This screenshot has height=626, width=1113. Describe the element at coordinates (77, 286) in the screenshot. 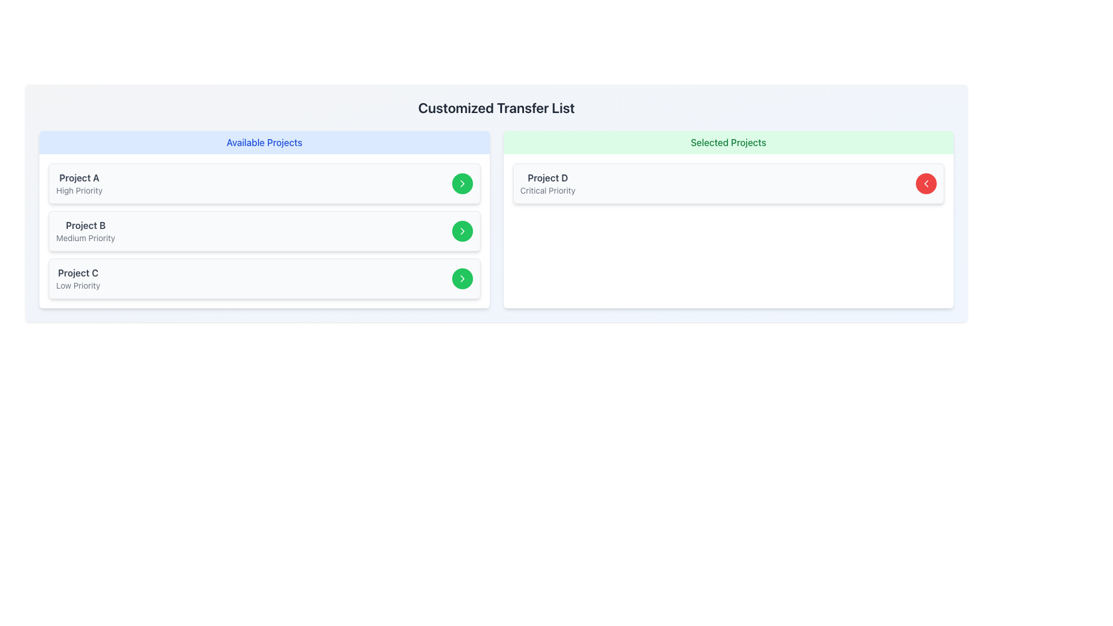

I see `the 'Low Priority' text label located below the title of the 'Project C' card in the third item of the 'Available Projects' list` at that location.